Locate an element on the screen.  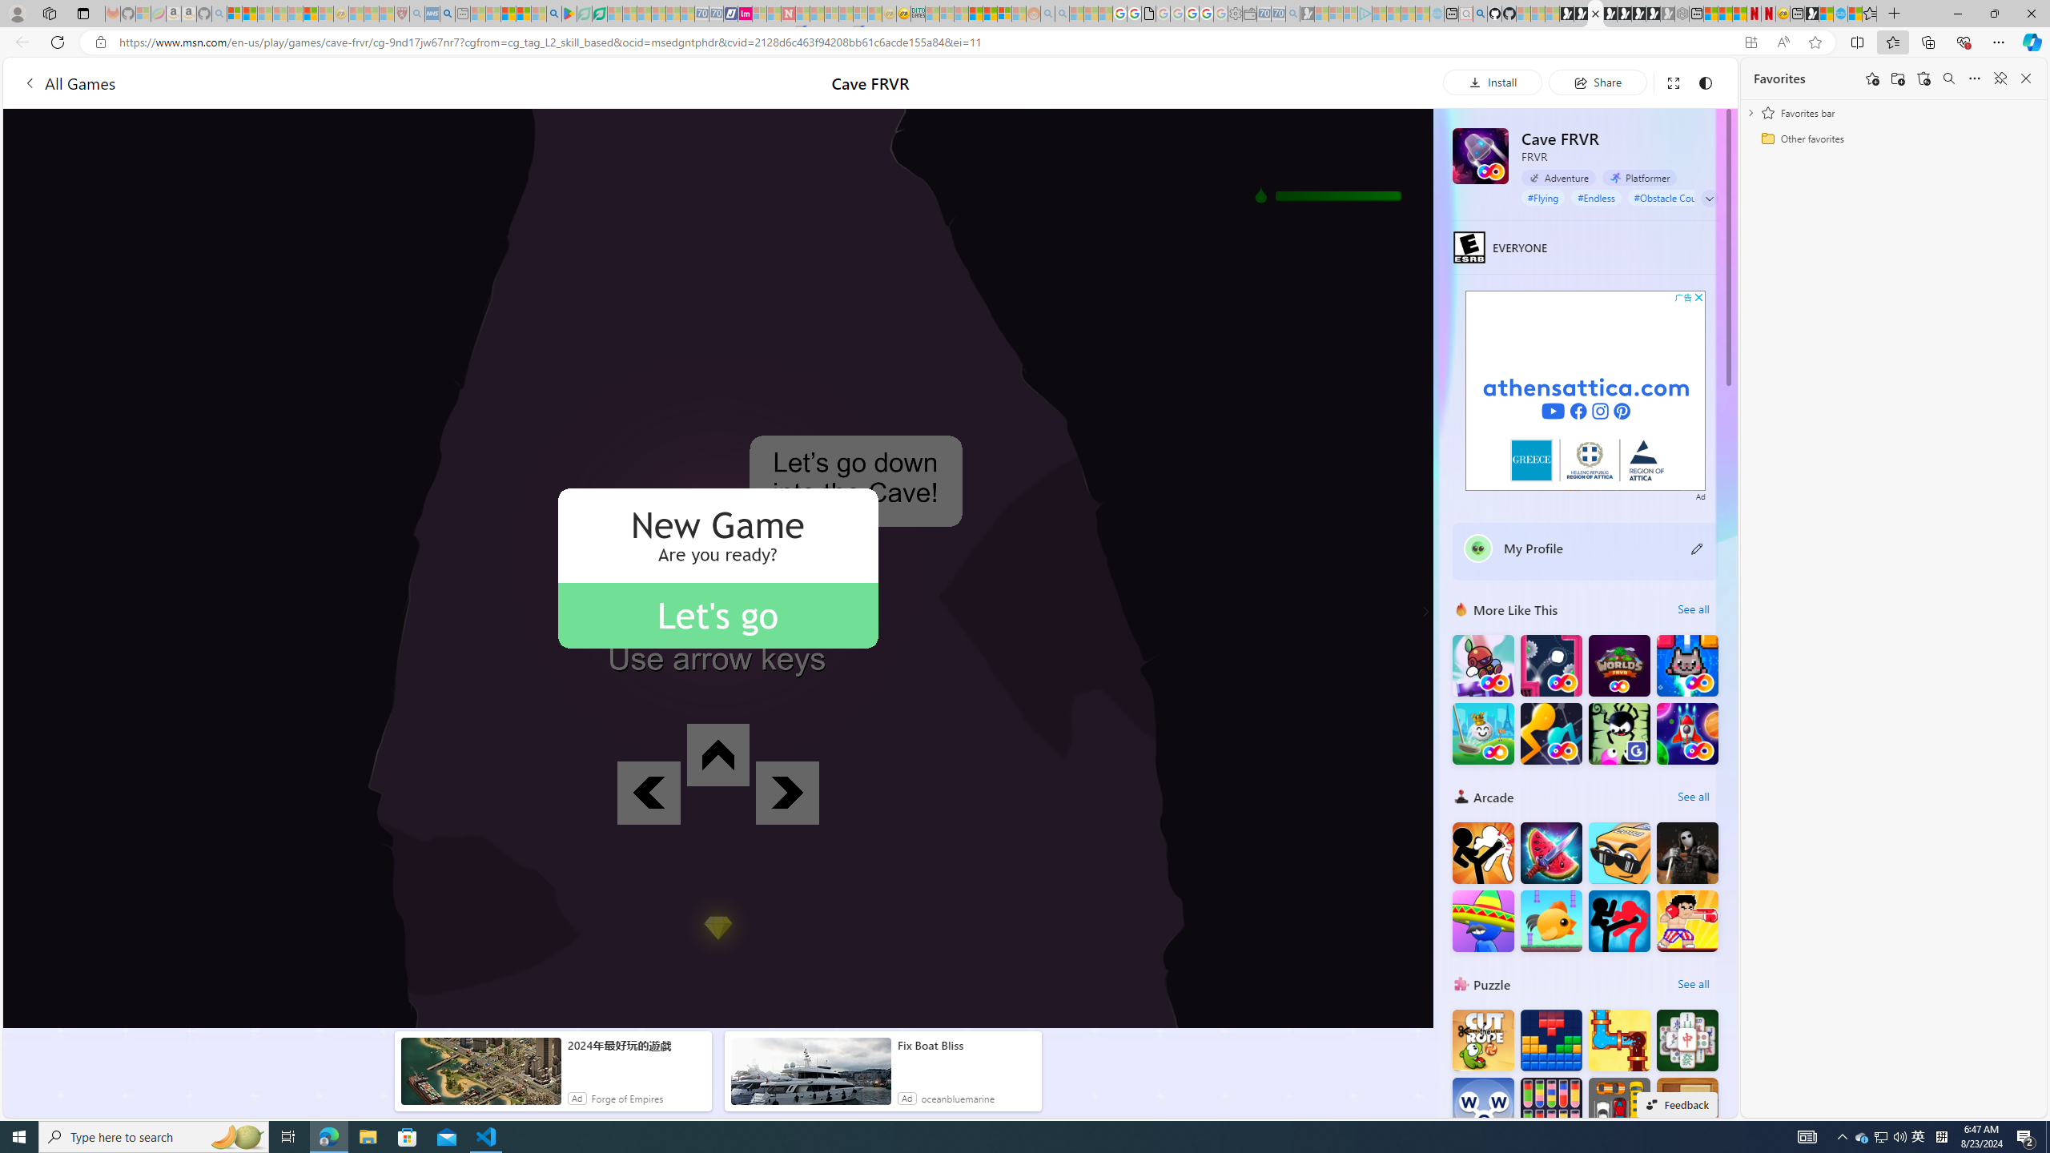
'EVERYONE' is located at coordinates (1469, 246).